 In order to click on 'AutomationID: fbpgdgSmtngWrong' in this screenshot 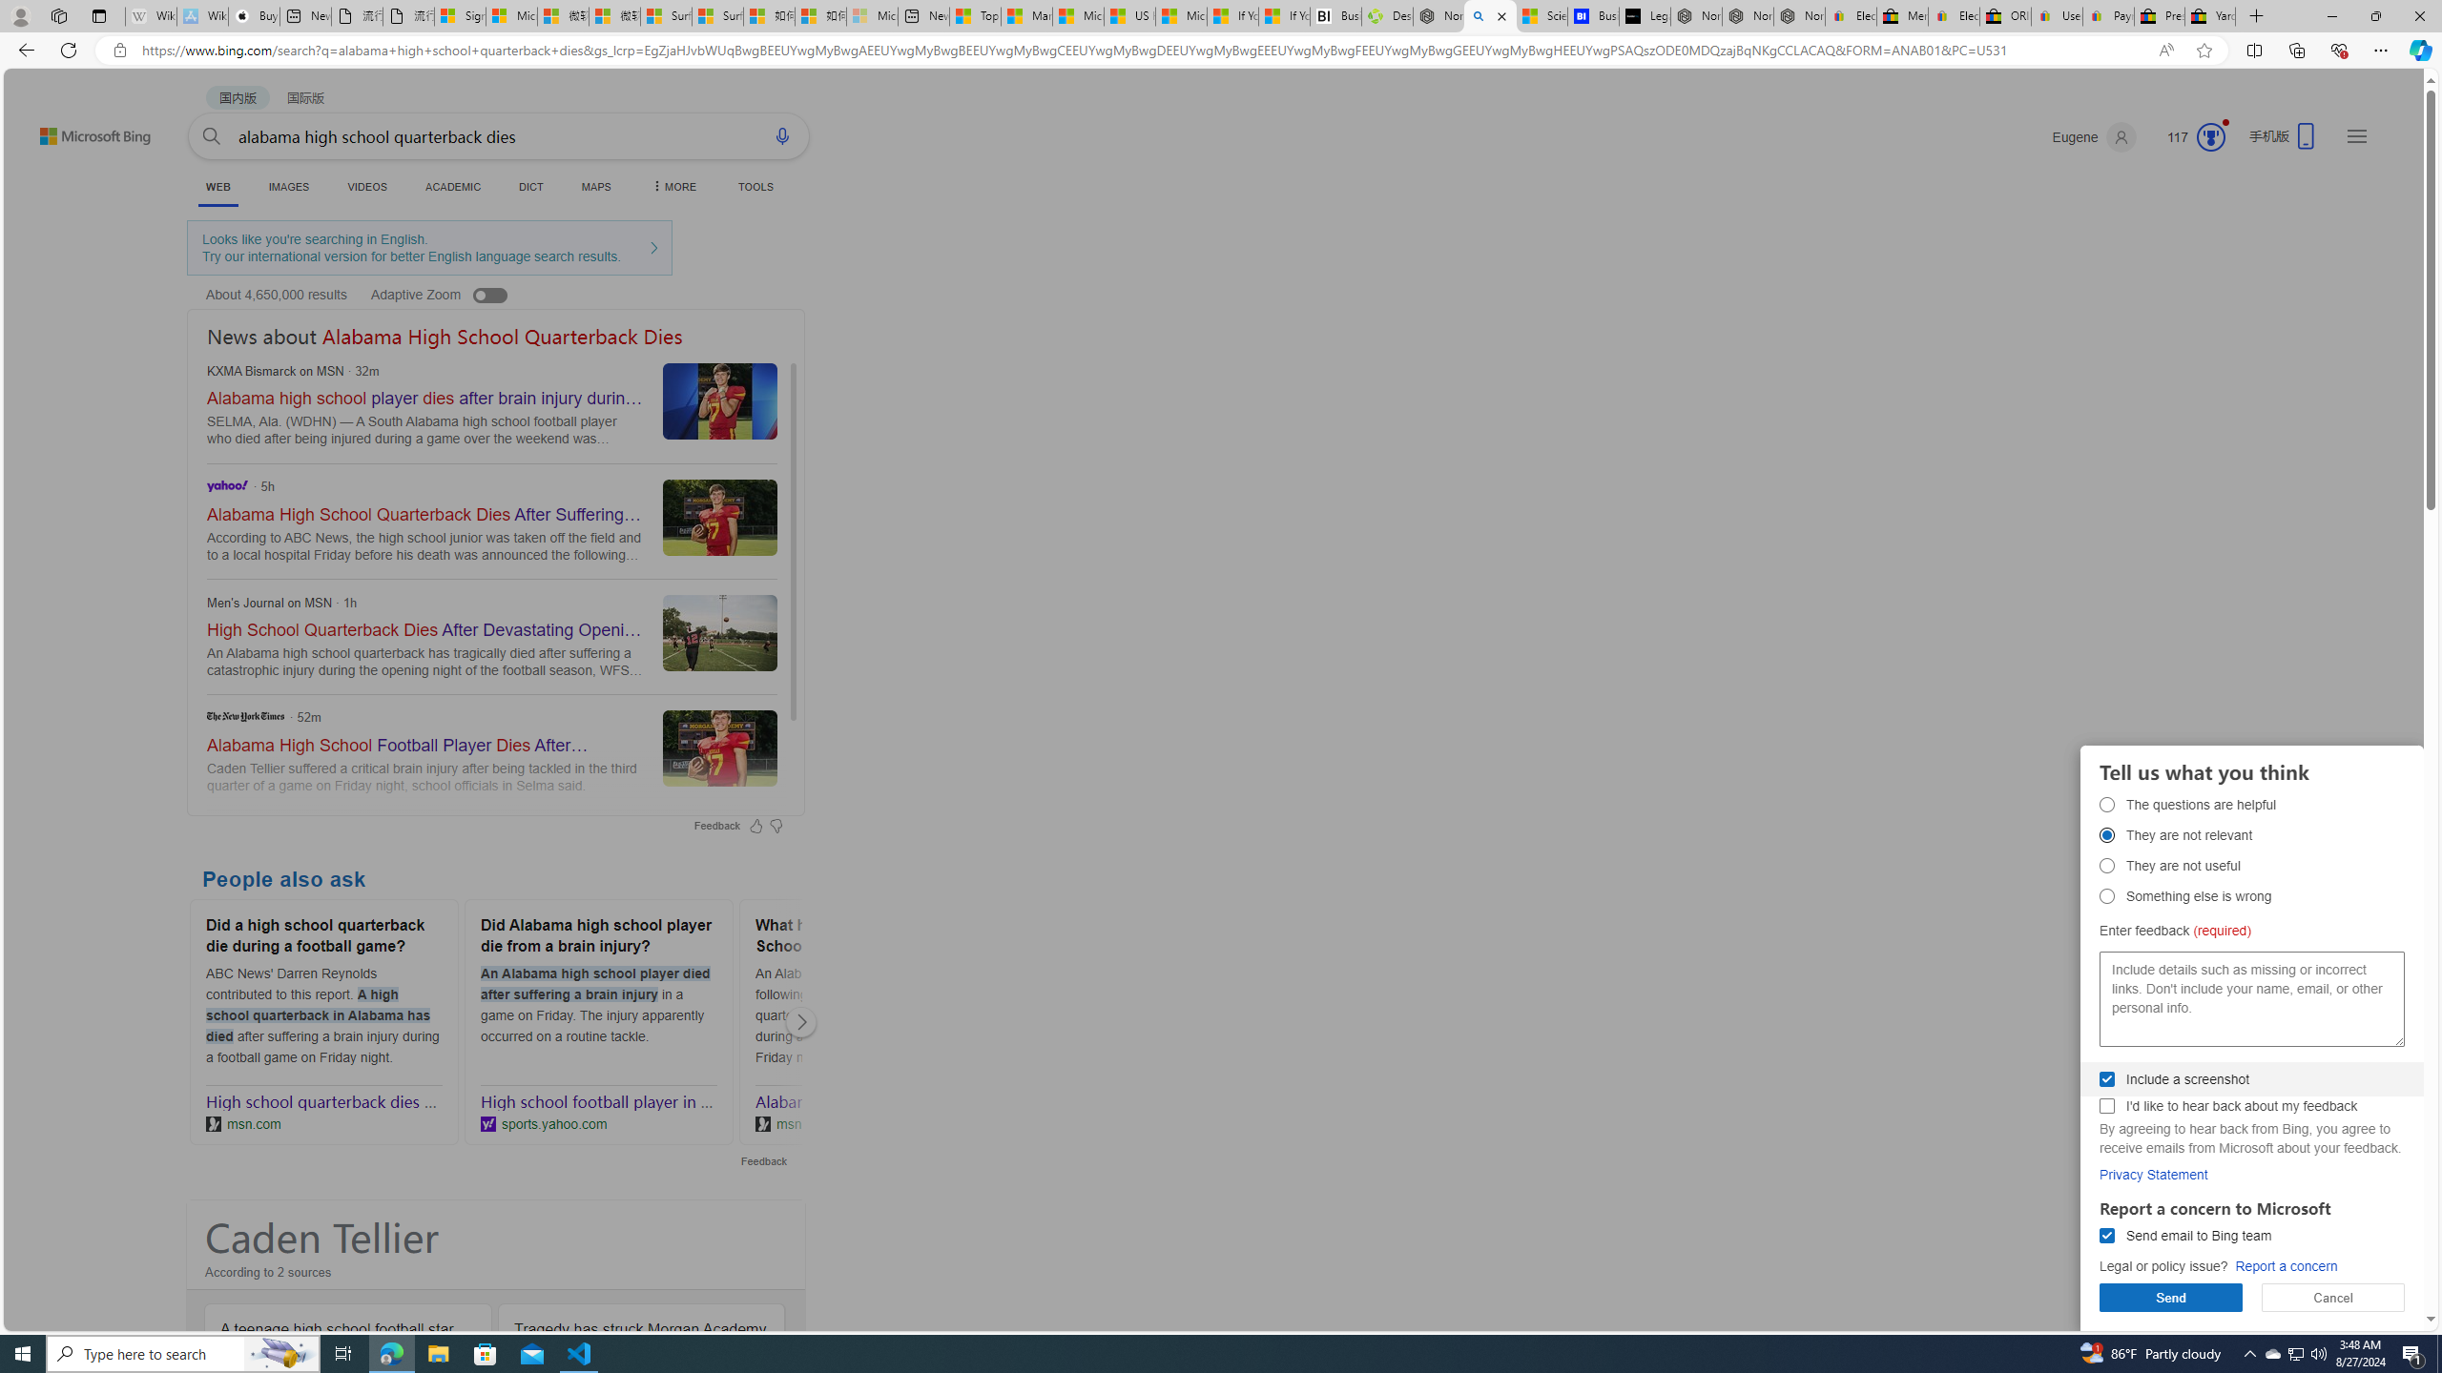, I will do `click(2107, 894)`.